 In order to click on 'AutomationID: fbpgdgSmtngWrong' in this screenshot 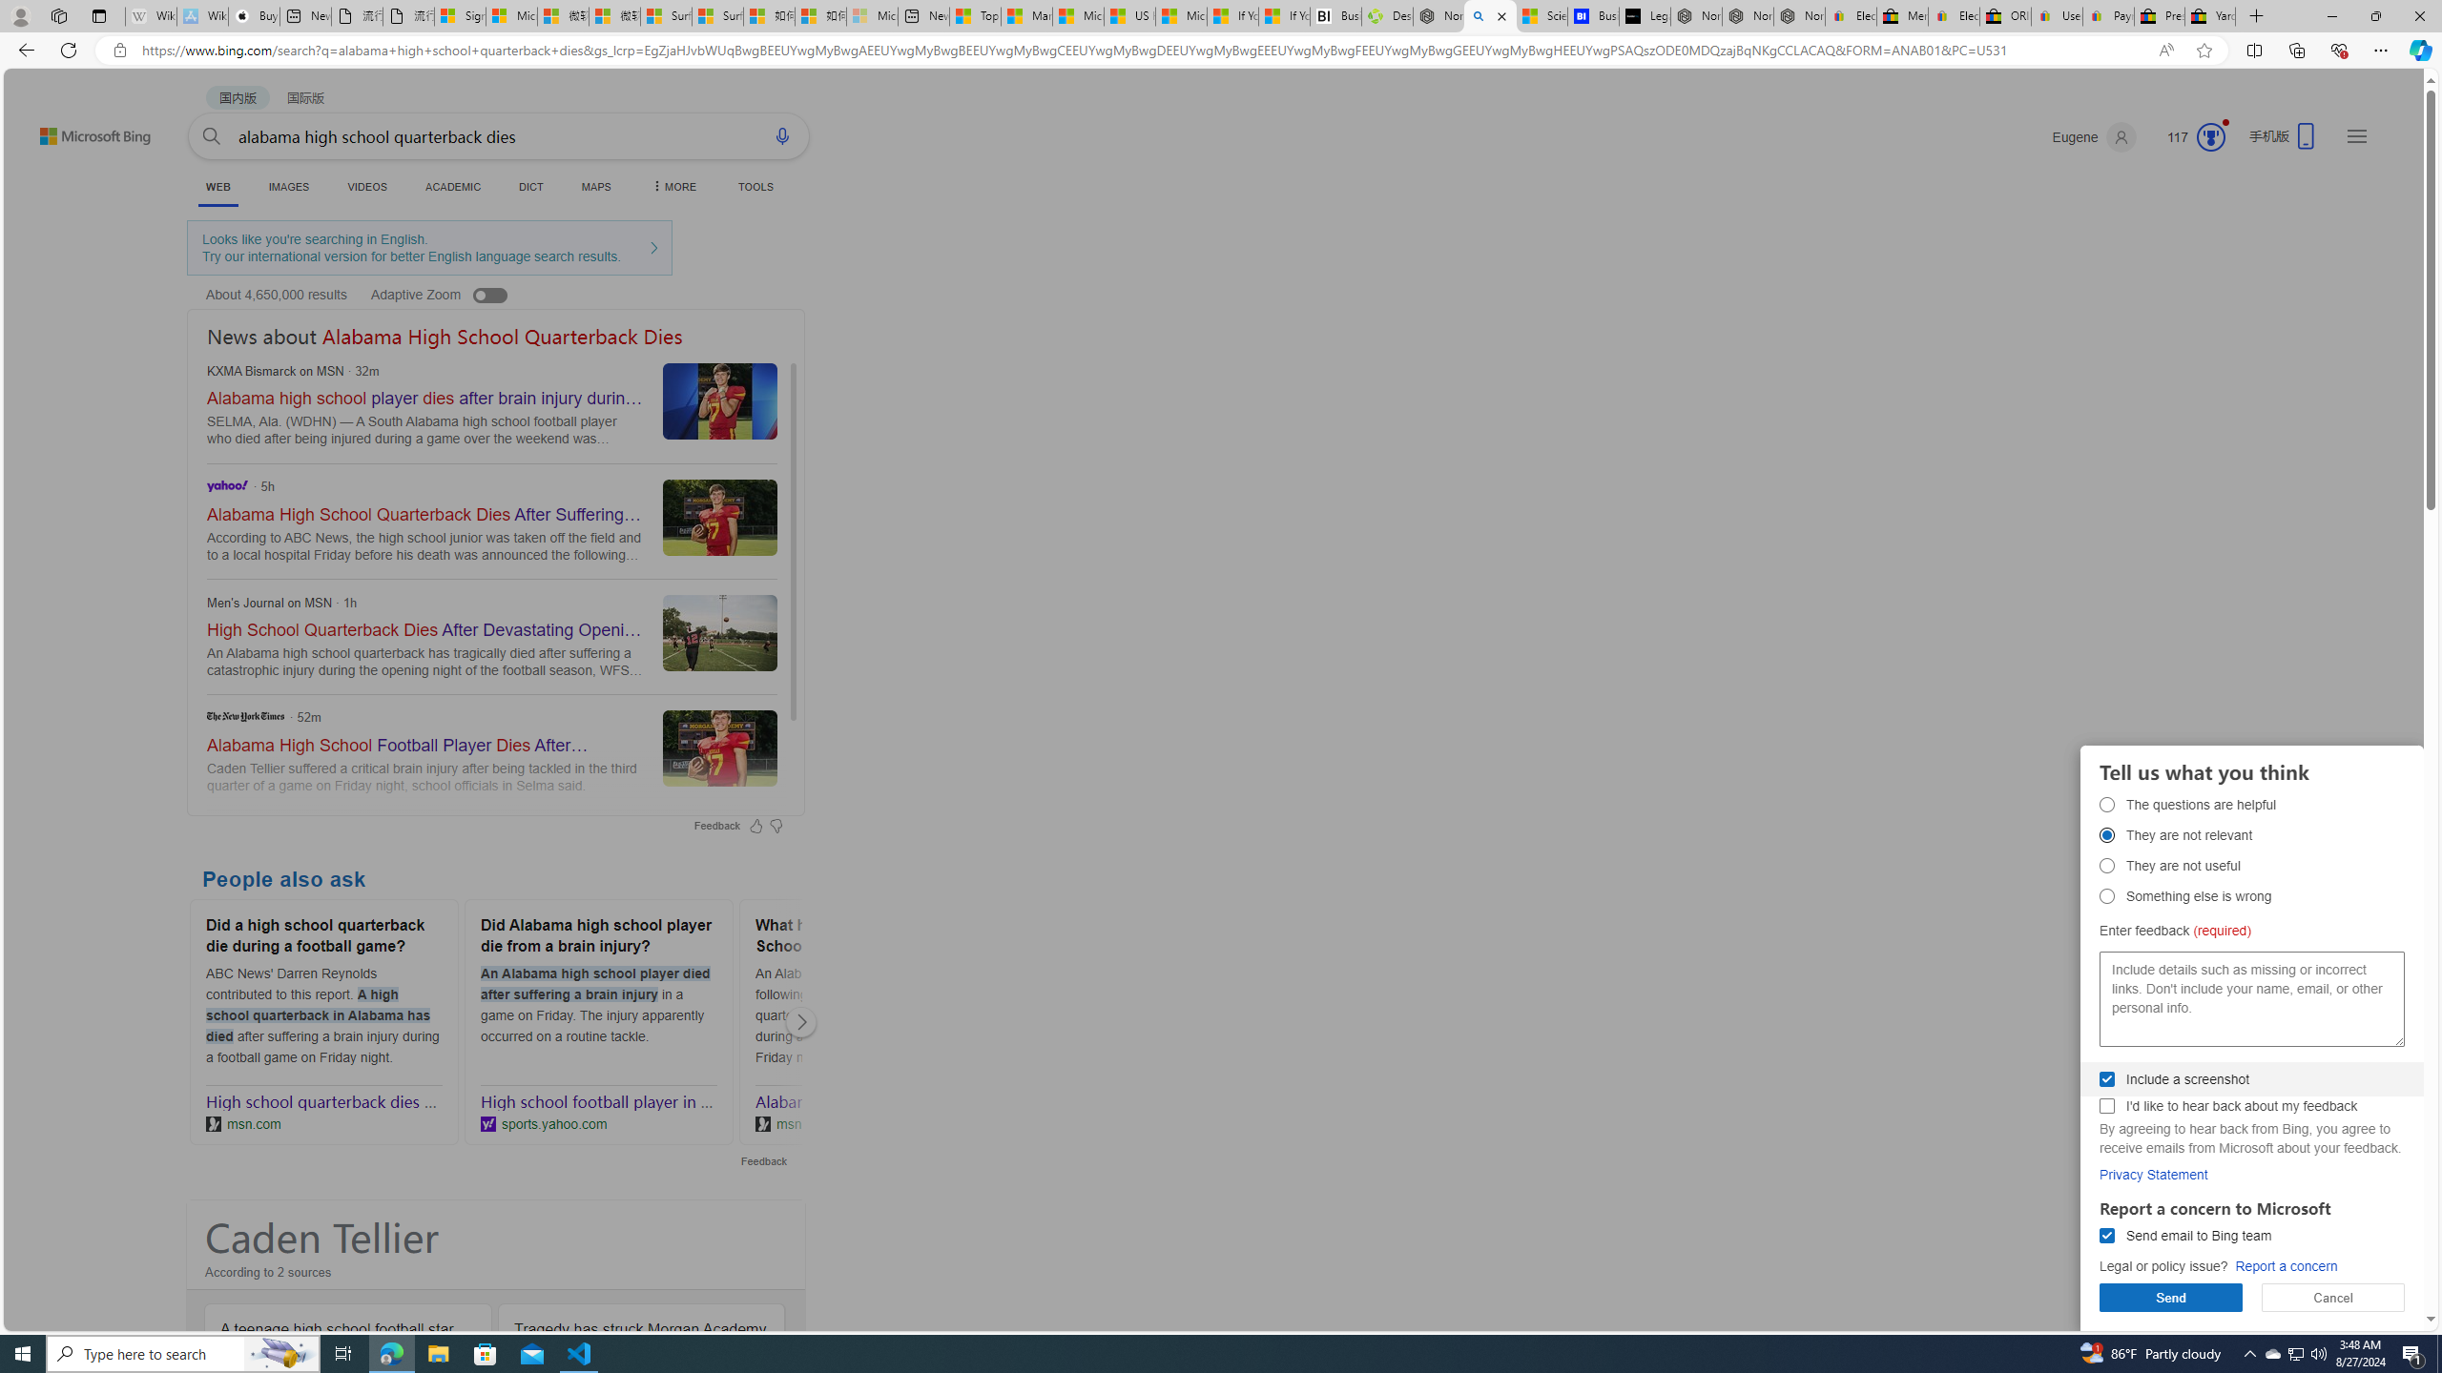, I will do `click(2107, 894)`.